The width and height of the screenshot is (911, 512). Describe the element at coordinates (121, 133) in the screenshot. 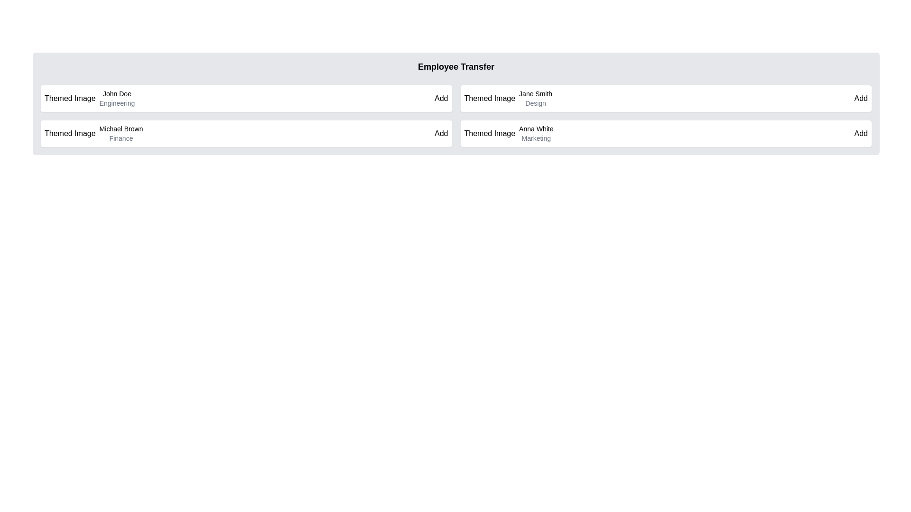

I see `the text label indicating the name 'Michael Brown' and their department 'Finance', which is located in the middle-left of the row structure` at that location.